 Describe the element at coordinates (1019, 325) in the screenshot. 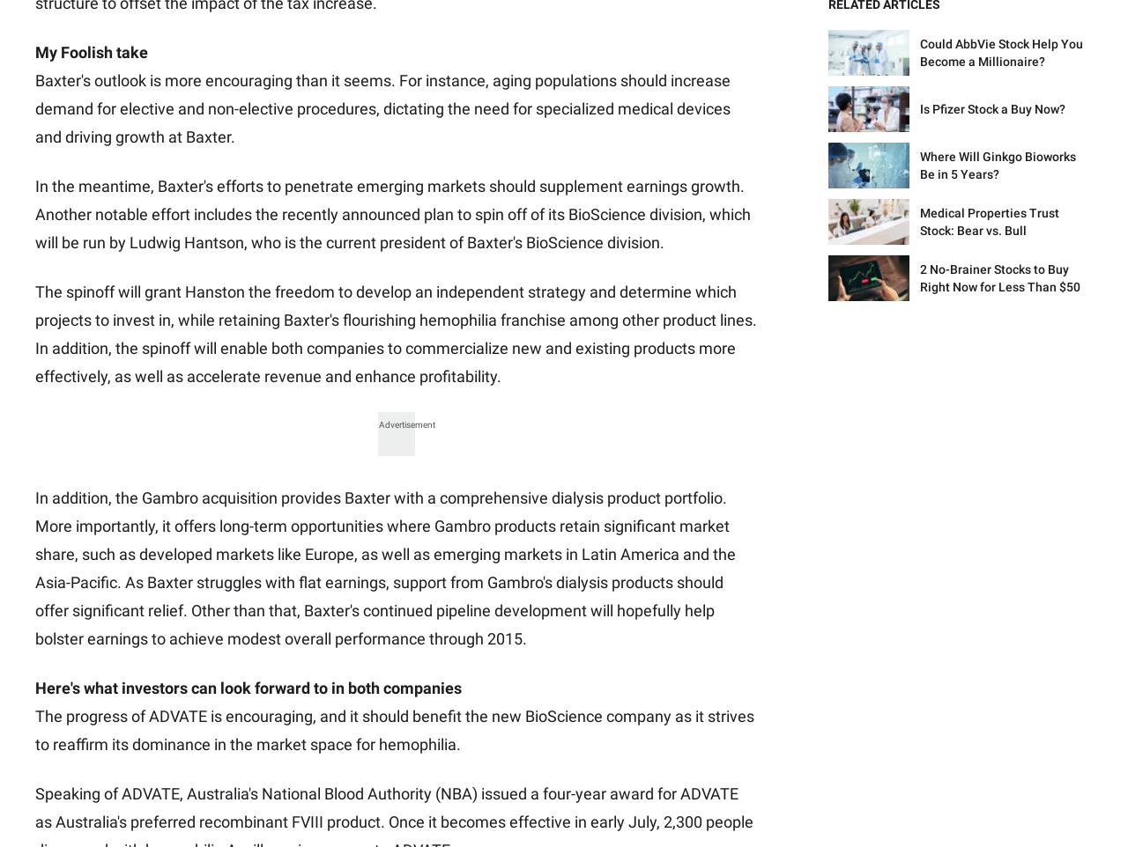

I see `'Motley Fool Asset Management'` at that location.